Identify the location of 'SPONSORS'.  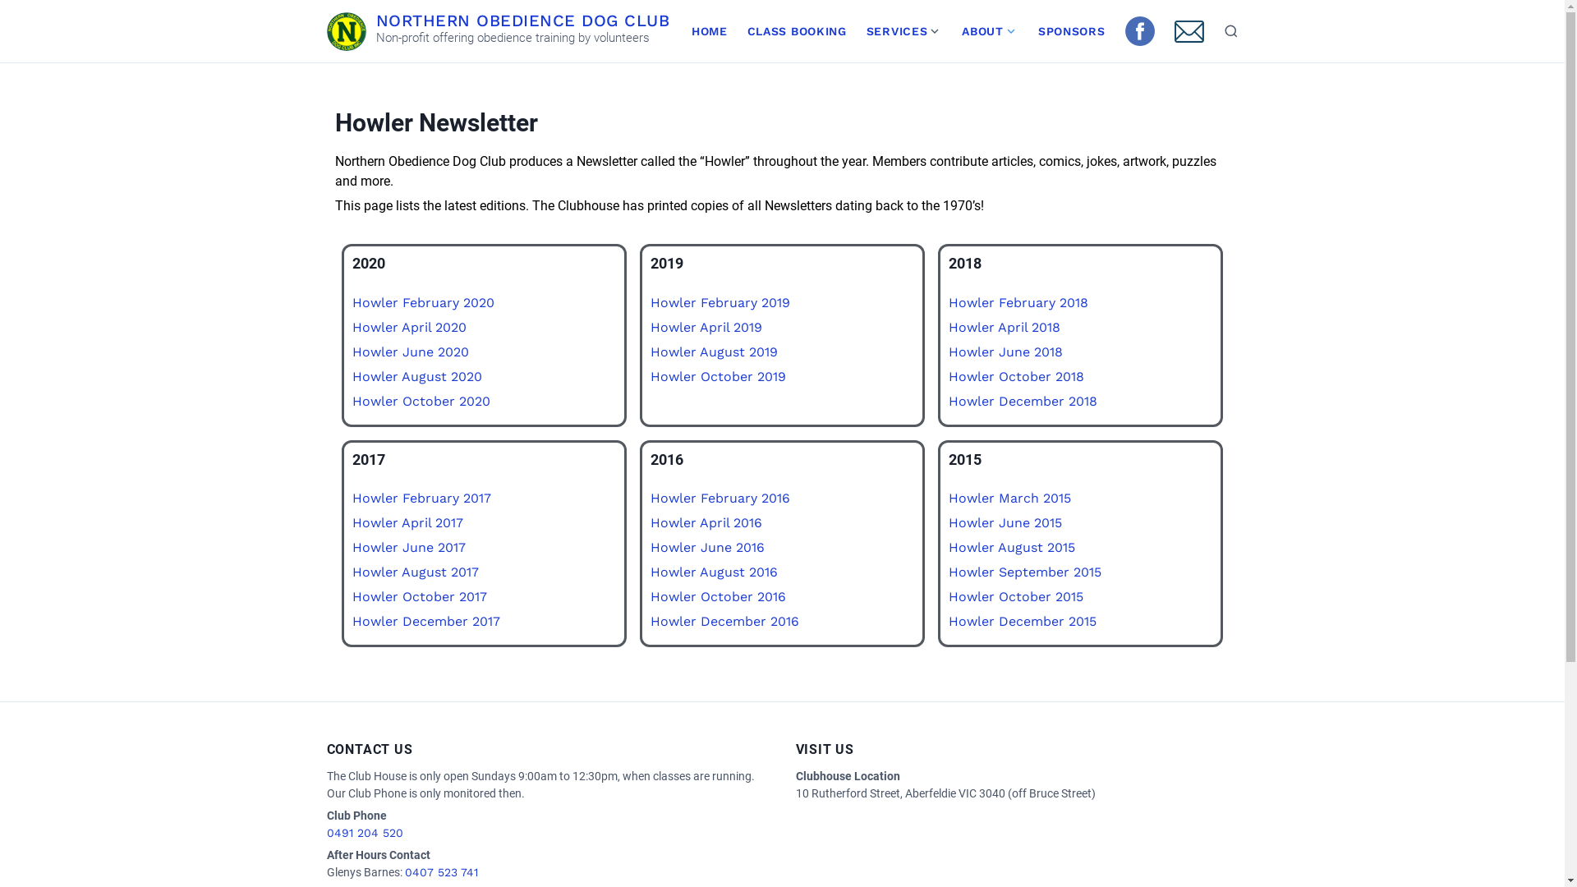
(1072, 31).